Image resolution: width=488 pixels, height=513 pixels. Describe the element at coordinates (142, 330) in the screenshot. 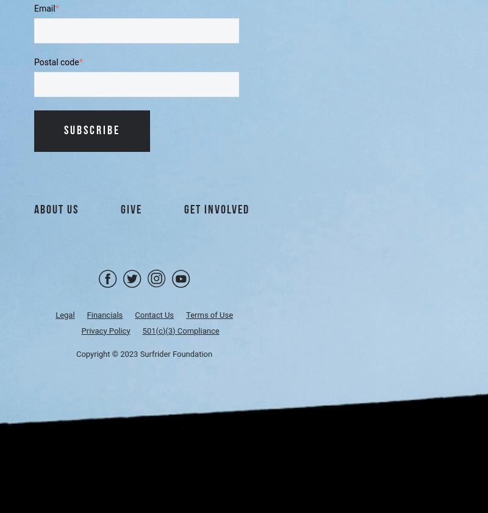

I see `'501(c)(3) Compliance'` at that location.